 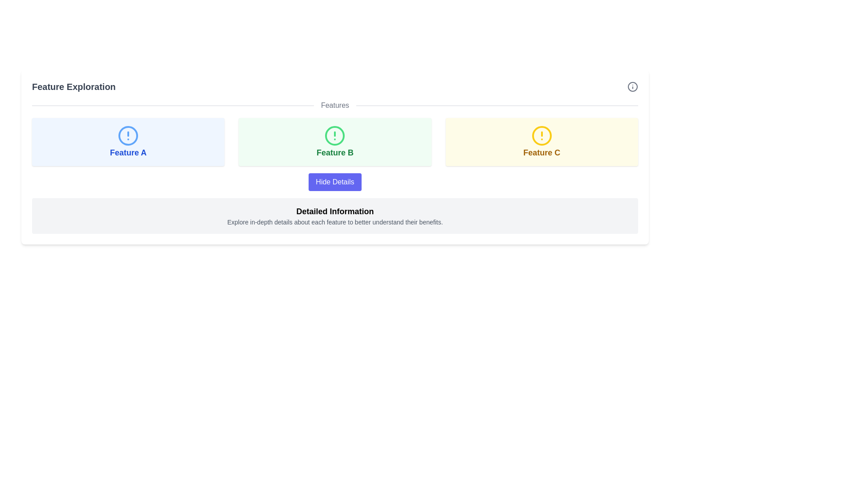 What do you see at coordinates (128, 135) in the screenshot?
I see `the circular icon with a blue outline and an exclamation mark in its center, located at the center top of the 'Feature A' card` at bounding box center [128, 135].